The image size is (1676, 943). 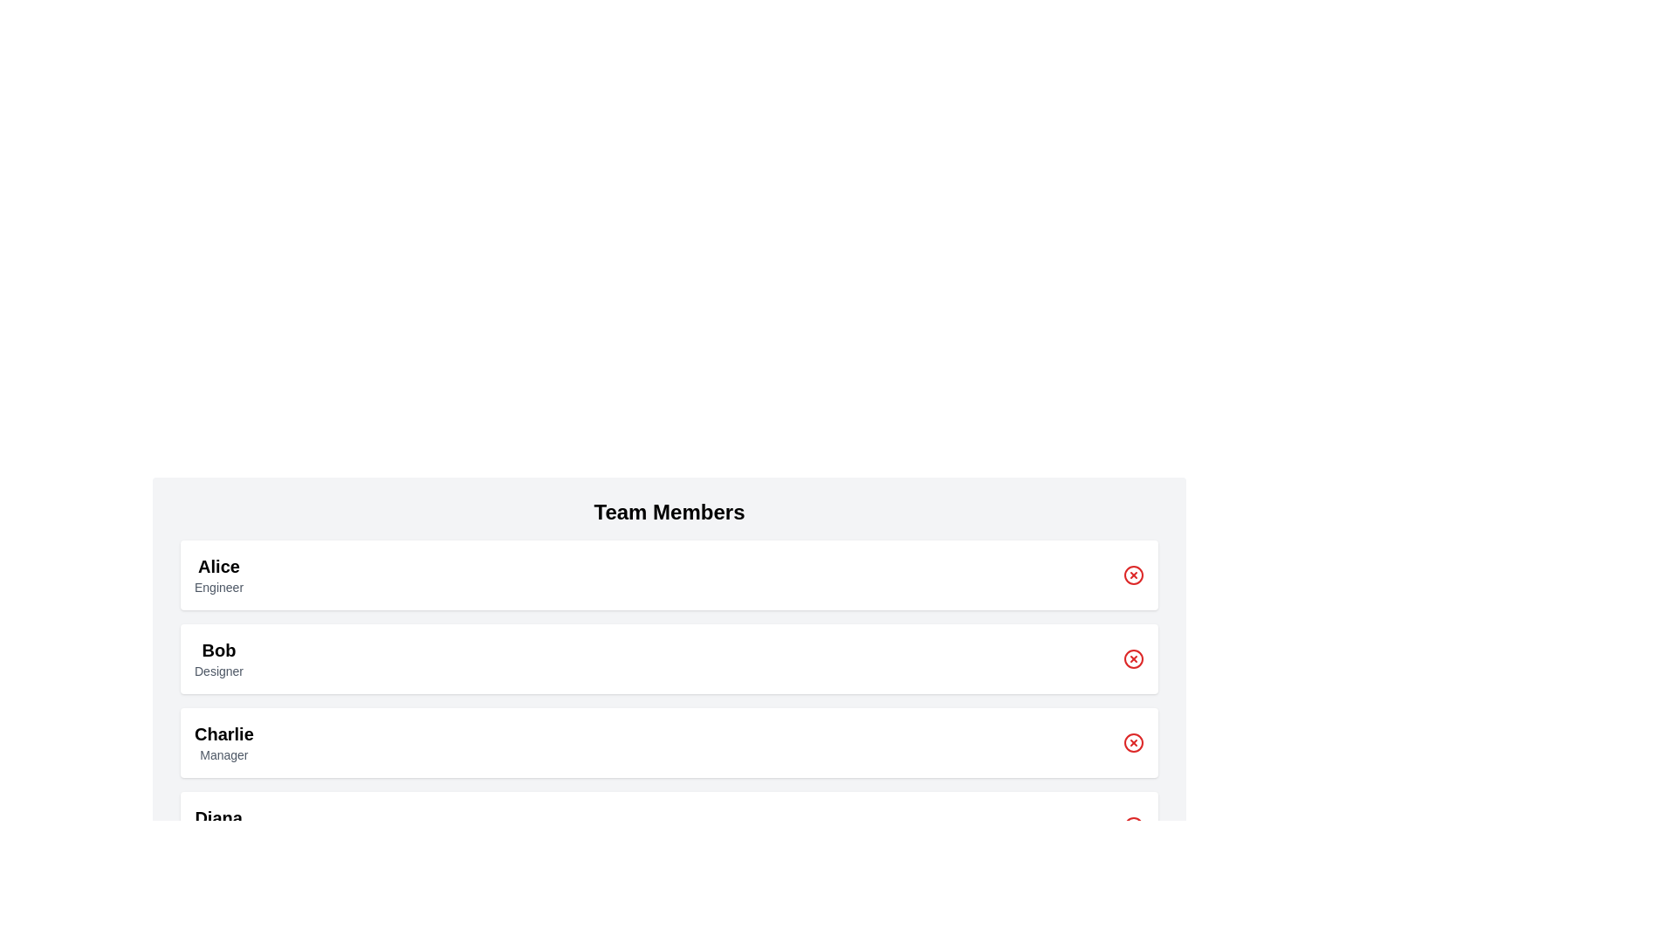 What do you see at coordinates (223, 743) in the screenshot?
I see `displayed information from the text block representing the team member 'Charlie' and role 'Manager', which is the third card in the 'Team Members' section` at bounding box center [223, 743].